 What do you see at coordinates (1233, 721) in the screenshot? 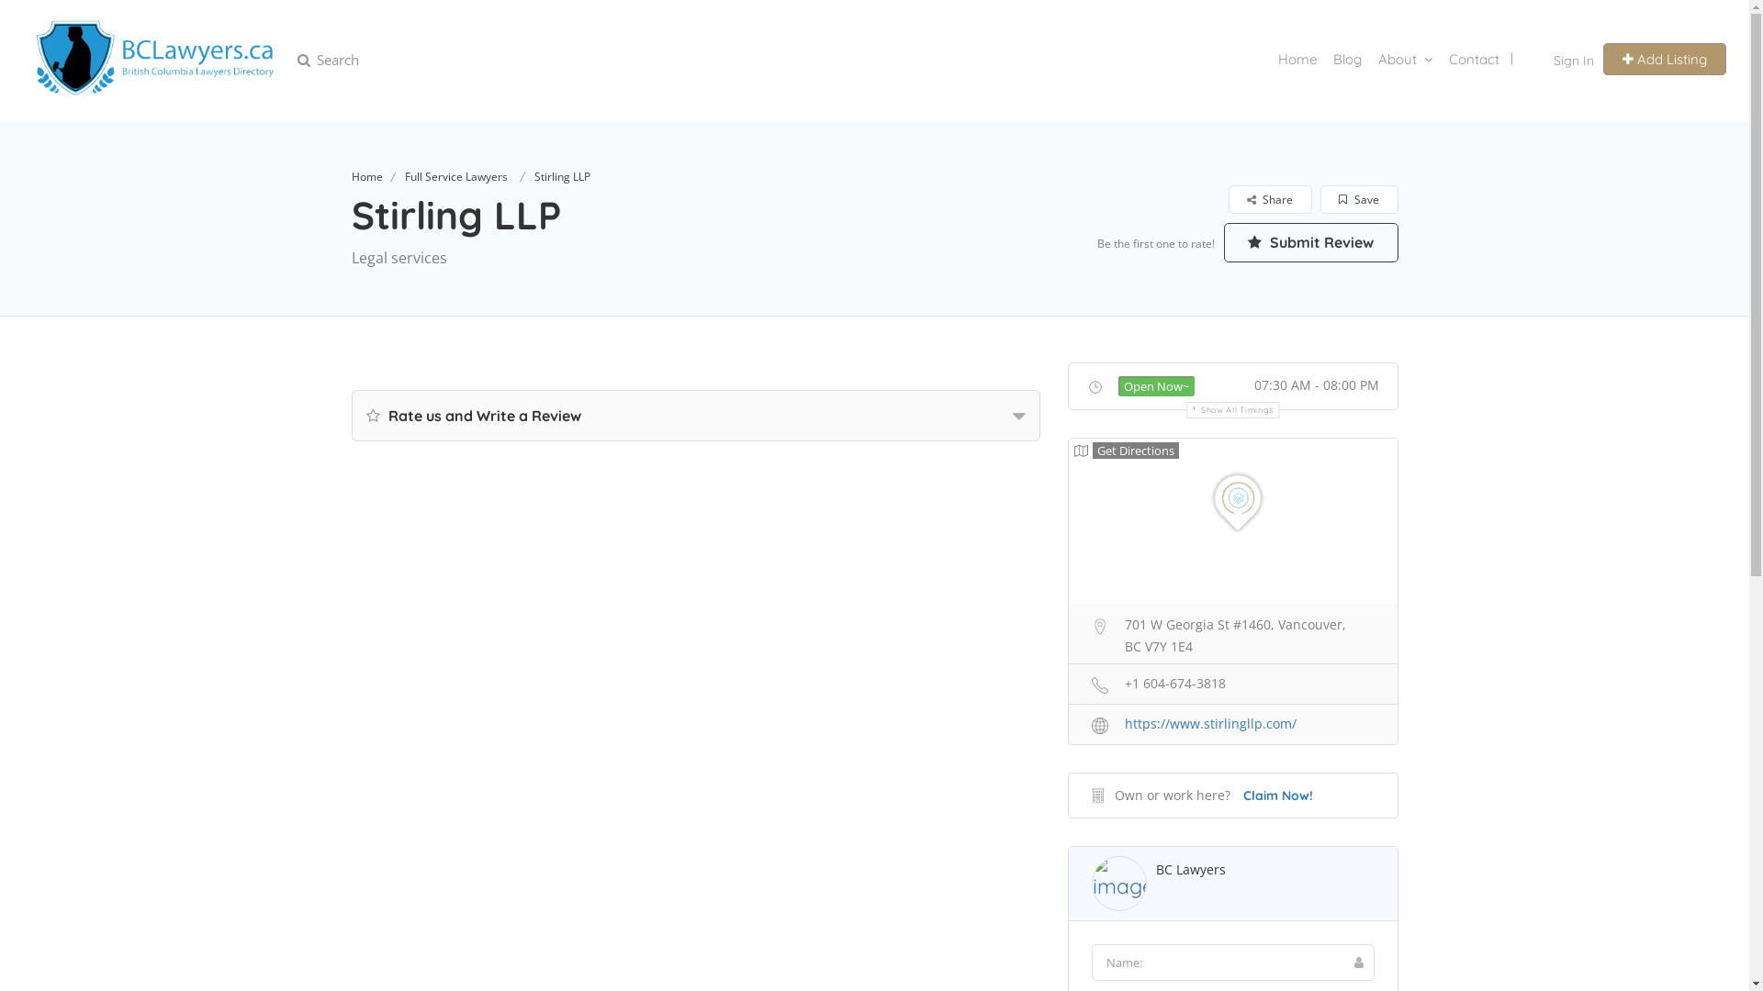
I see `'https://www.stirlingllp.com/'` at bounding box center [1233, 721].